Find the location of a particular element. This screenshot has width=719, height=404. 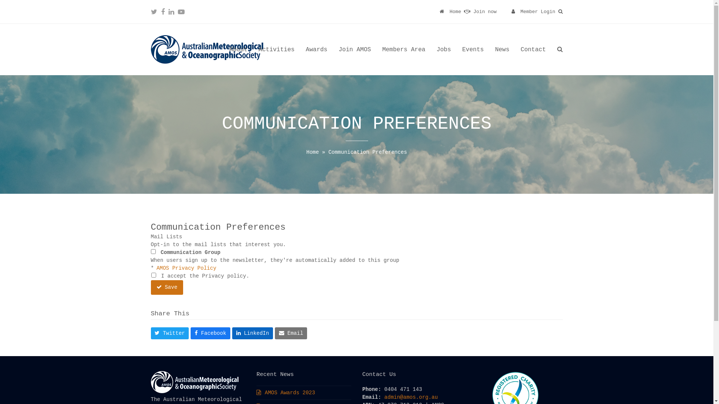

'Home' is located at coordinates (450, 12).